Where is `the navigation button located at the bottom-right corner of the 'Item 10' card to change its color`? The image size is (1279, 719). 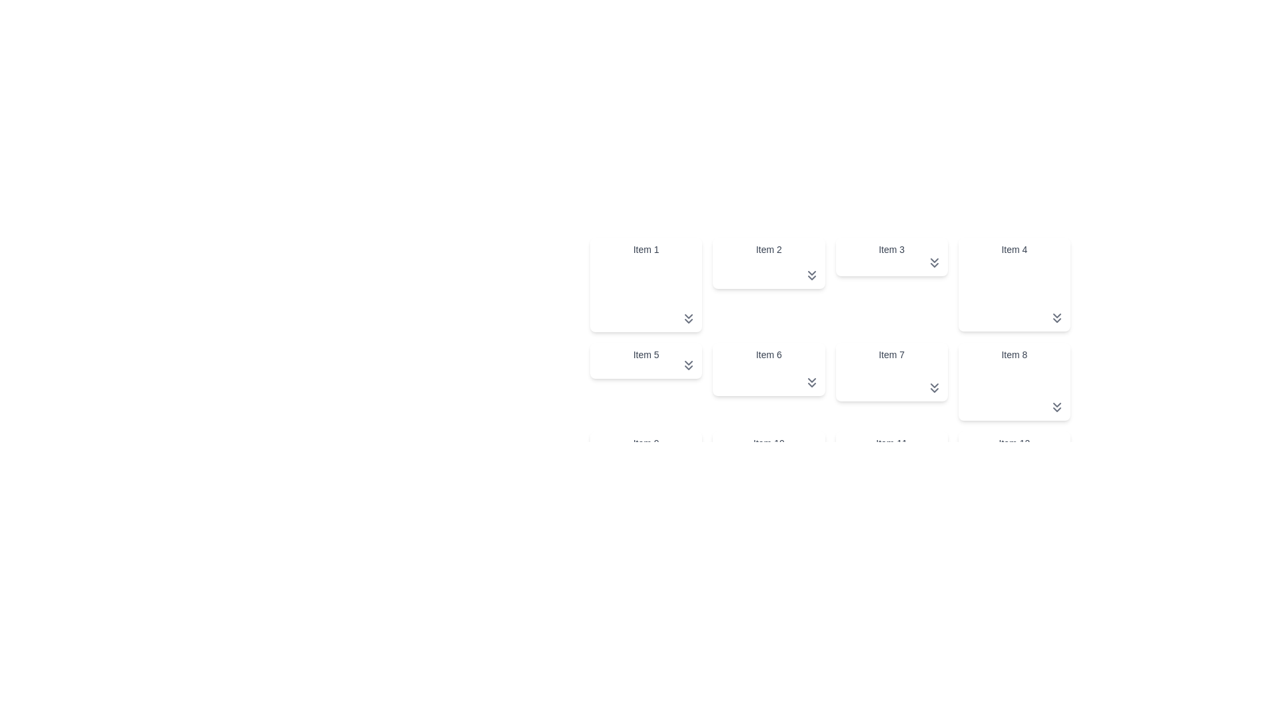 the navigation button located at the bottom-right corner of the 'Item 10' card to change its color is located at coordinates (811, 477).